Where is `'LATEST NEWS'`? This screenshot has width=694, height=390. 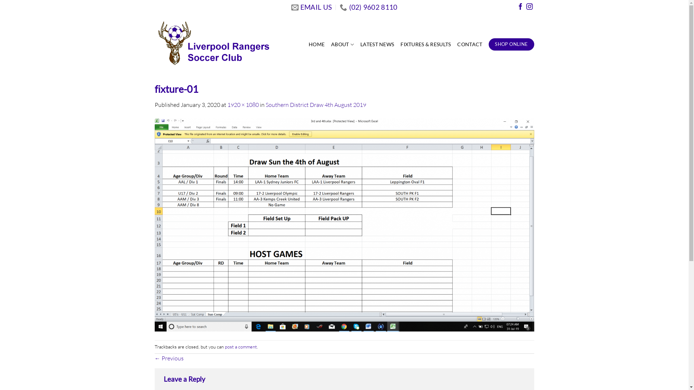 'LATEST NEWS' is located at coordinates (377, 44).